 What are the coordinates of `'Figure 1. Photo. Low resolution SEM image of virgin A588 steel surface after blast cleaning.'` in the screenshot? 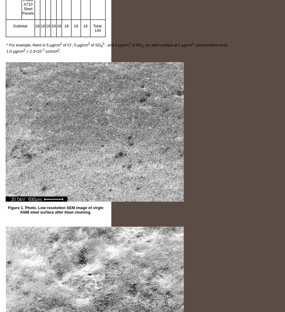 It's located at (7, 210).